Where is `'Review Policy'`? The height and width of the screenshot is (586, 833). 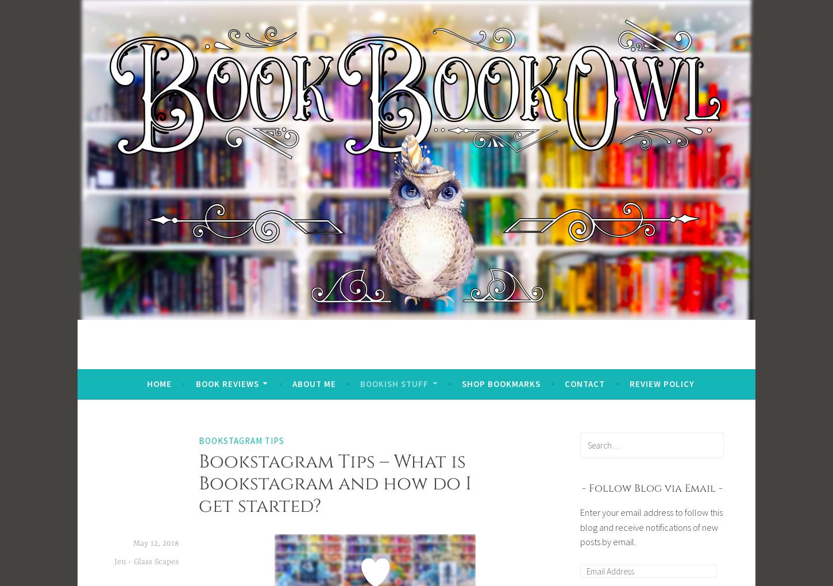
'Review Policy' is located at coordinates (661, 382).